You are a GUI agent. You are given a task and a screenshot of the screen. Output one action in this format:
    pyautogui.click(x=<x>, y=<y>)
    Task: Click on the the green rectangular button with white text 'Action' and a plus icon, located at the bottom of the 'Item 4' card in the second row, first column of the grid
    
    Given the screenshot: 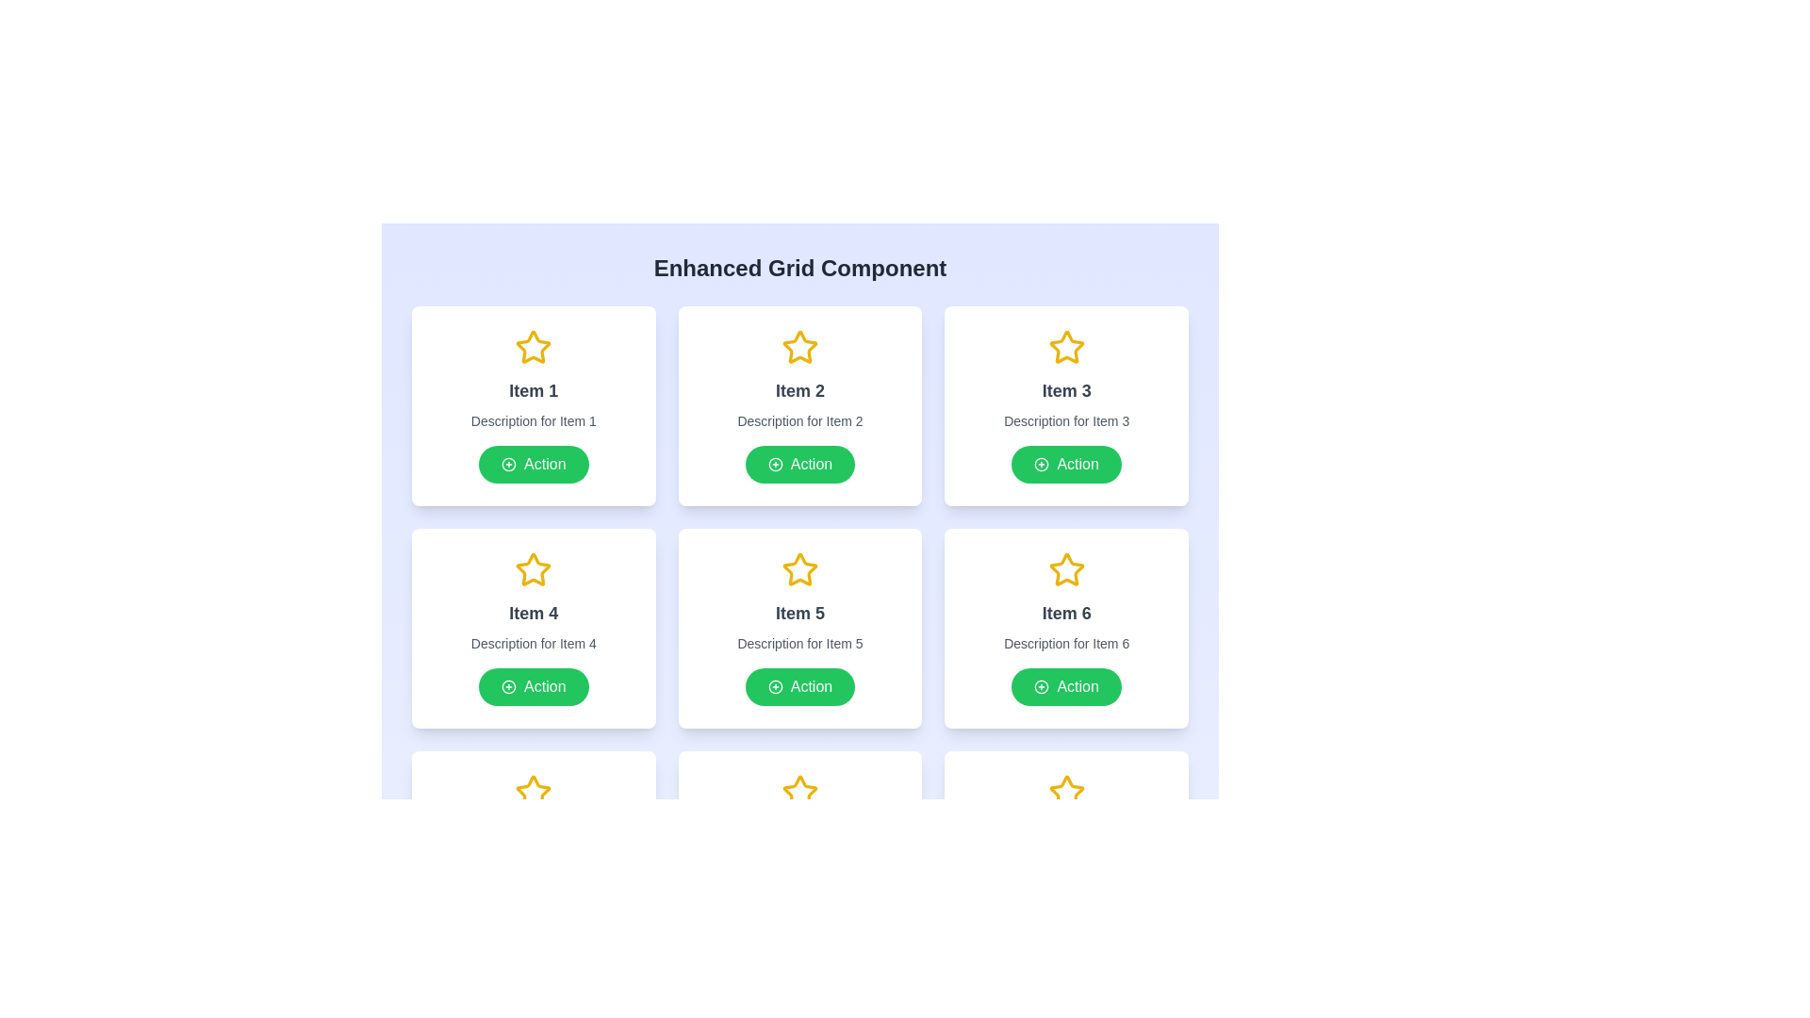 What is the action you would take?
    pyautogui.click(x=533, y=687)
    